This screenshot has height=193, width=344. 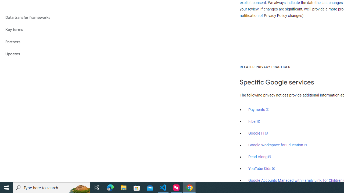 I want to click on 'Google Workspace for Education', so click(x=277, y=145).